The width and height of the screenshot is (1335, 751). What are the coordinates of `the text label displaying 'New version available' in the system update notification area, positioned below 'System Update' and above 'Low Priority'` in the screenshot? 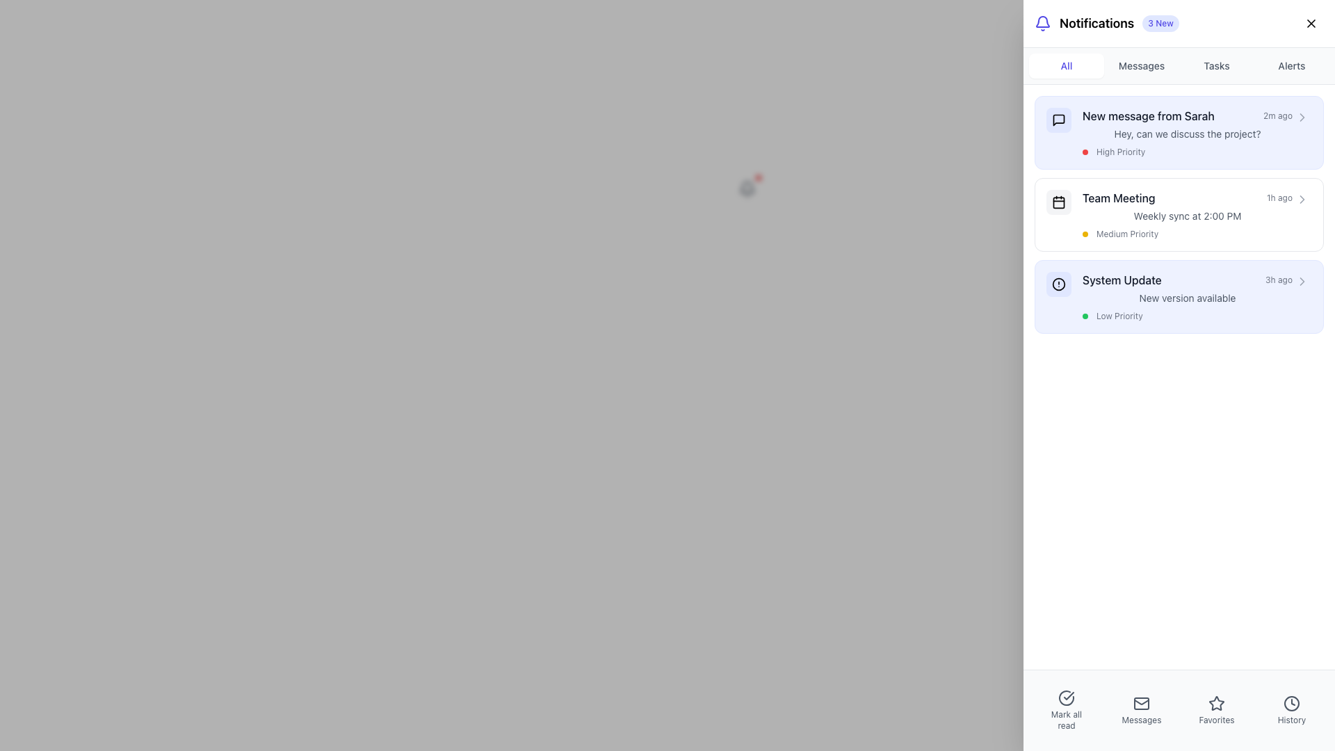 It's located at (1187, 297).